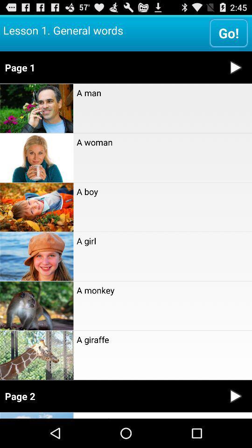  Describe the element at coordinates (235, 396) in the screenshot. I see `next page` at that location.